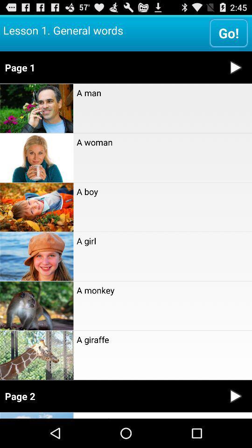  Describe the element at coordinates (235, 396) in the screenshot. I see `next page` at that location.